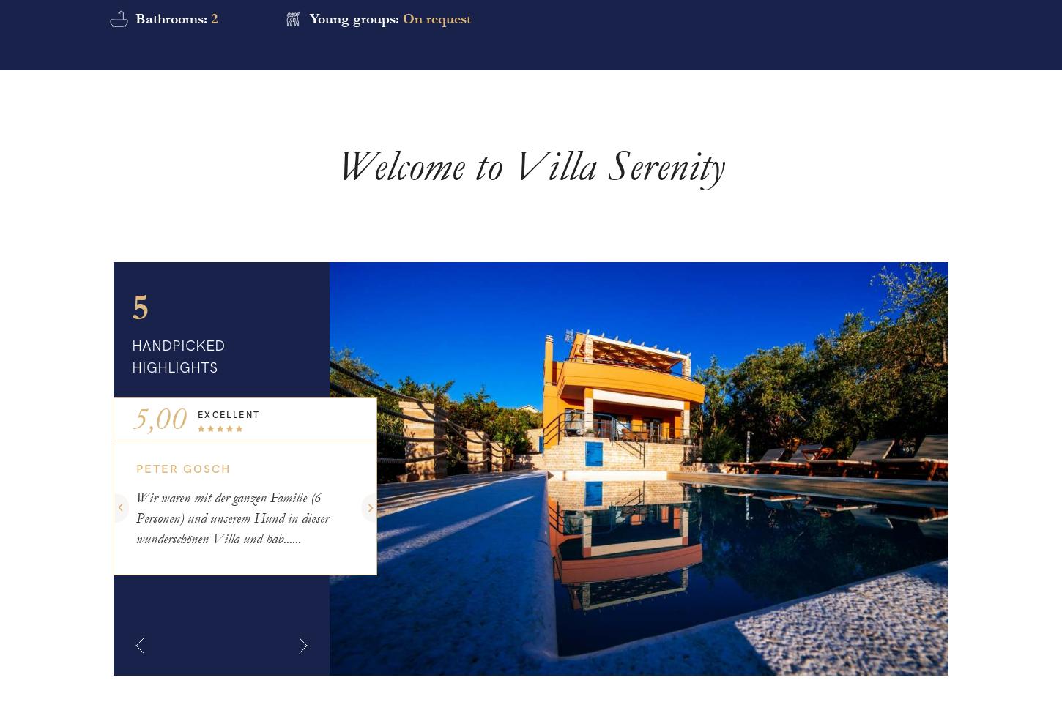  I want to click on 'More', so click(885, 662).